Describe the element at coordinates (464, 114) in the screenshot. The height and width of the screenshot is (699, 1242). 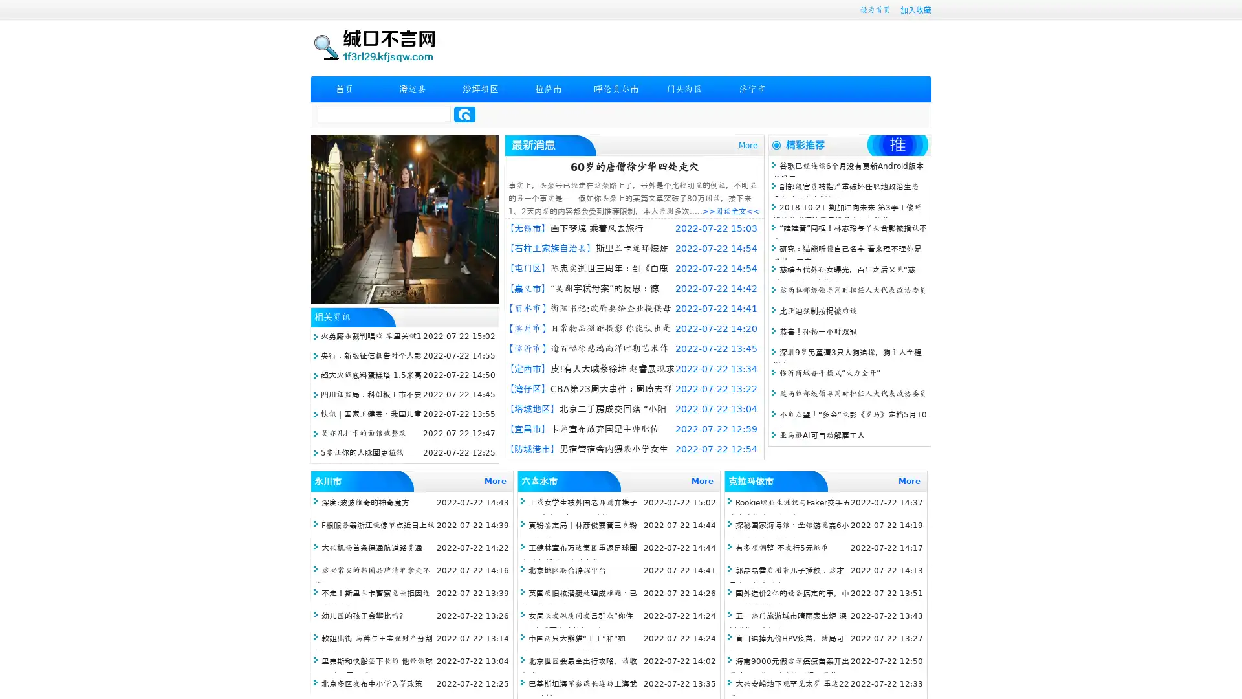
I see `Search` at that location.